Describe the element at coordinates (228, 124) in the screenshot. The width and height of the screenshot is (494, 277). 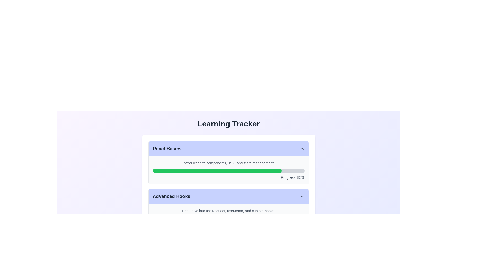
I see `the text label element that serves as the title or heading for the current interface` at that location.